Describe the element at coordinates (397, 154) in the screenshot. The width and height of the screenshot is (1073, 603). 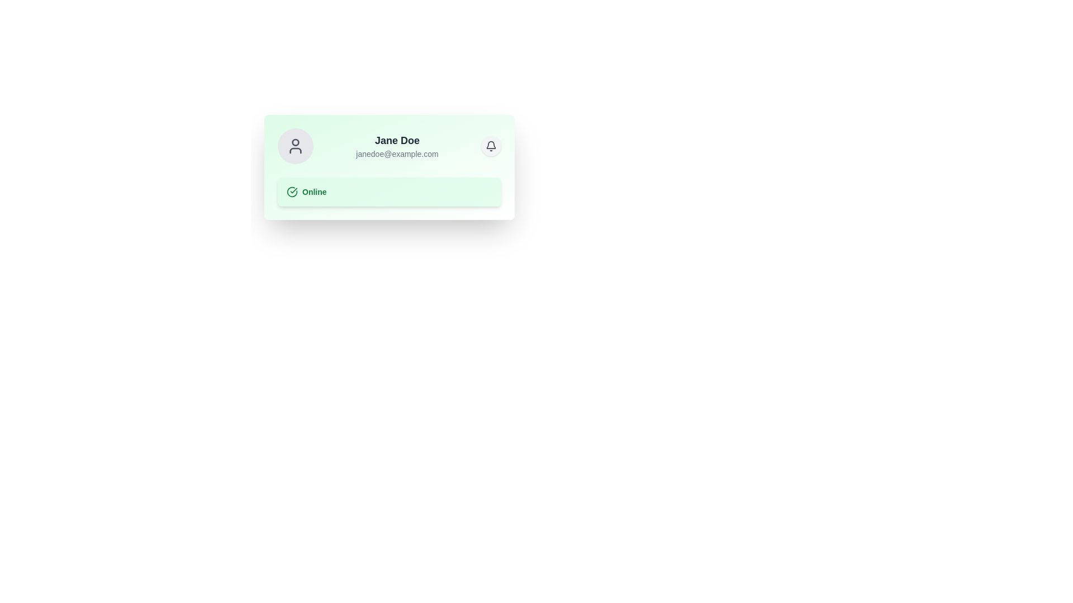
I see `the text label displaying an email address, which is styled in a smaller gray font and located beneath the 'Jane Doe' name label, horizontally centered within the card` at that location.